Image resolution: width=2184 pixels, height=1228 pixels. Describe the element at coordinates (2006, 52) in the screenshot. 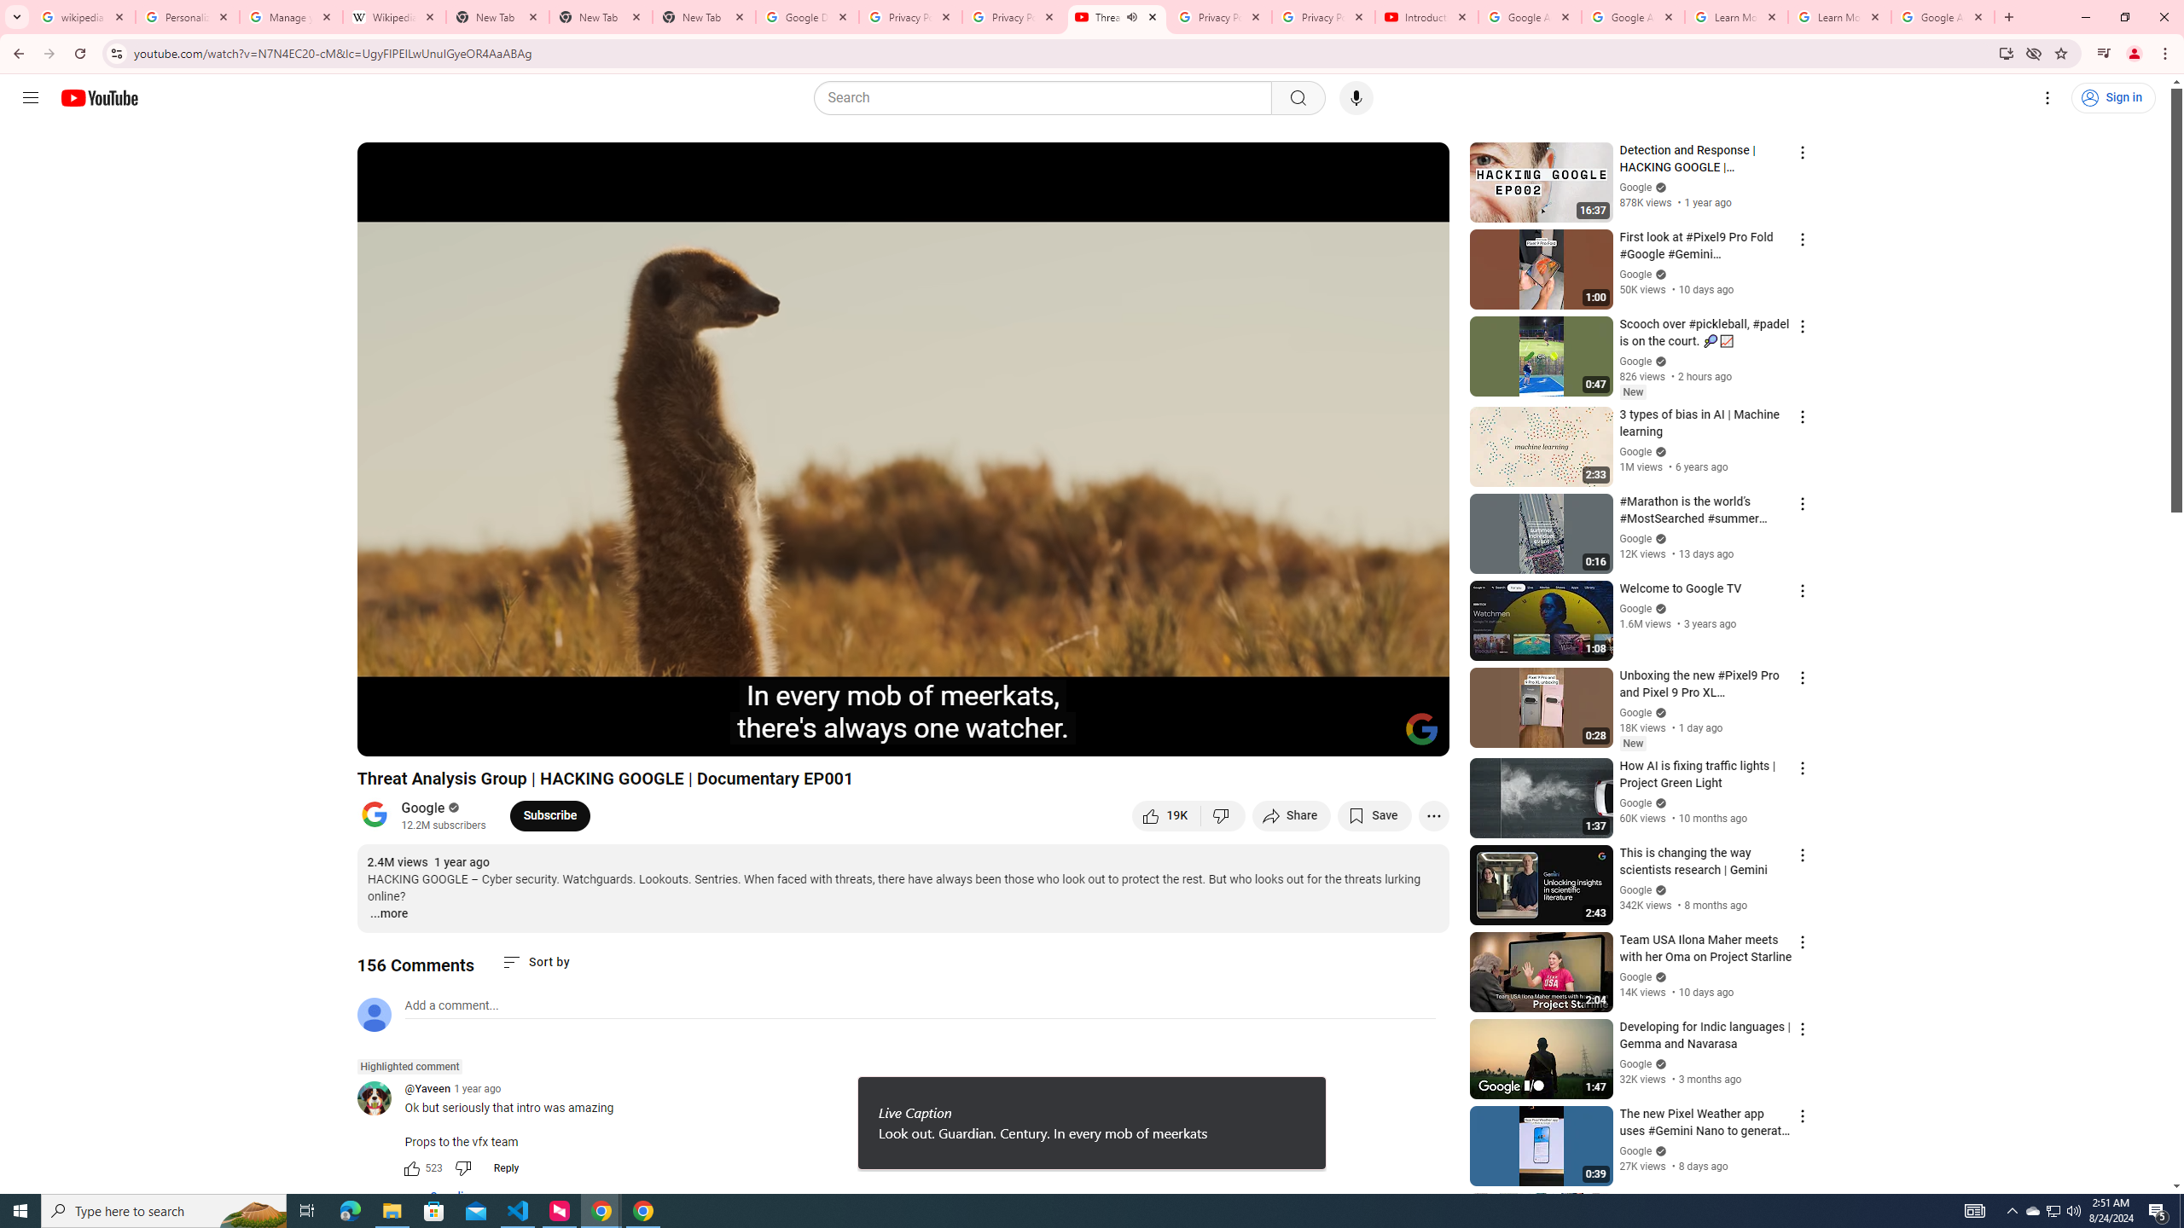

I see `'Install YouTube'` at that location.